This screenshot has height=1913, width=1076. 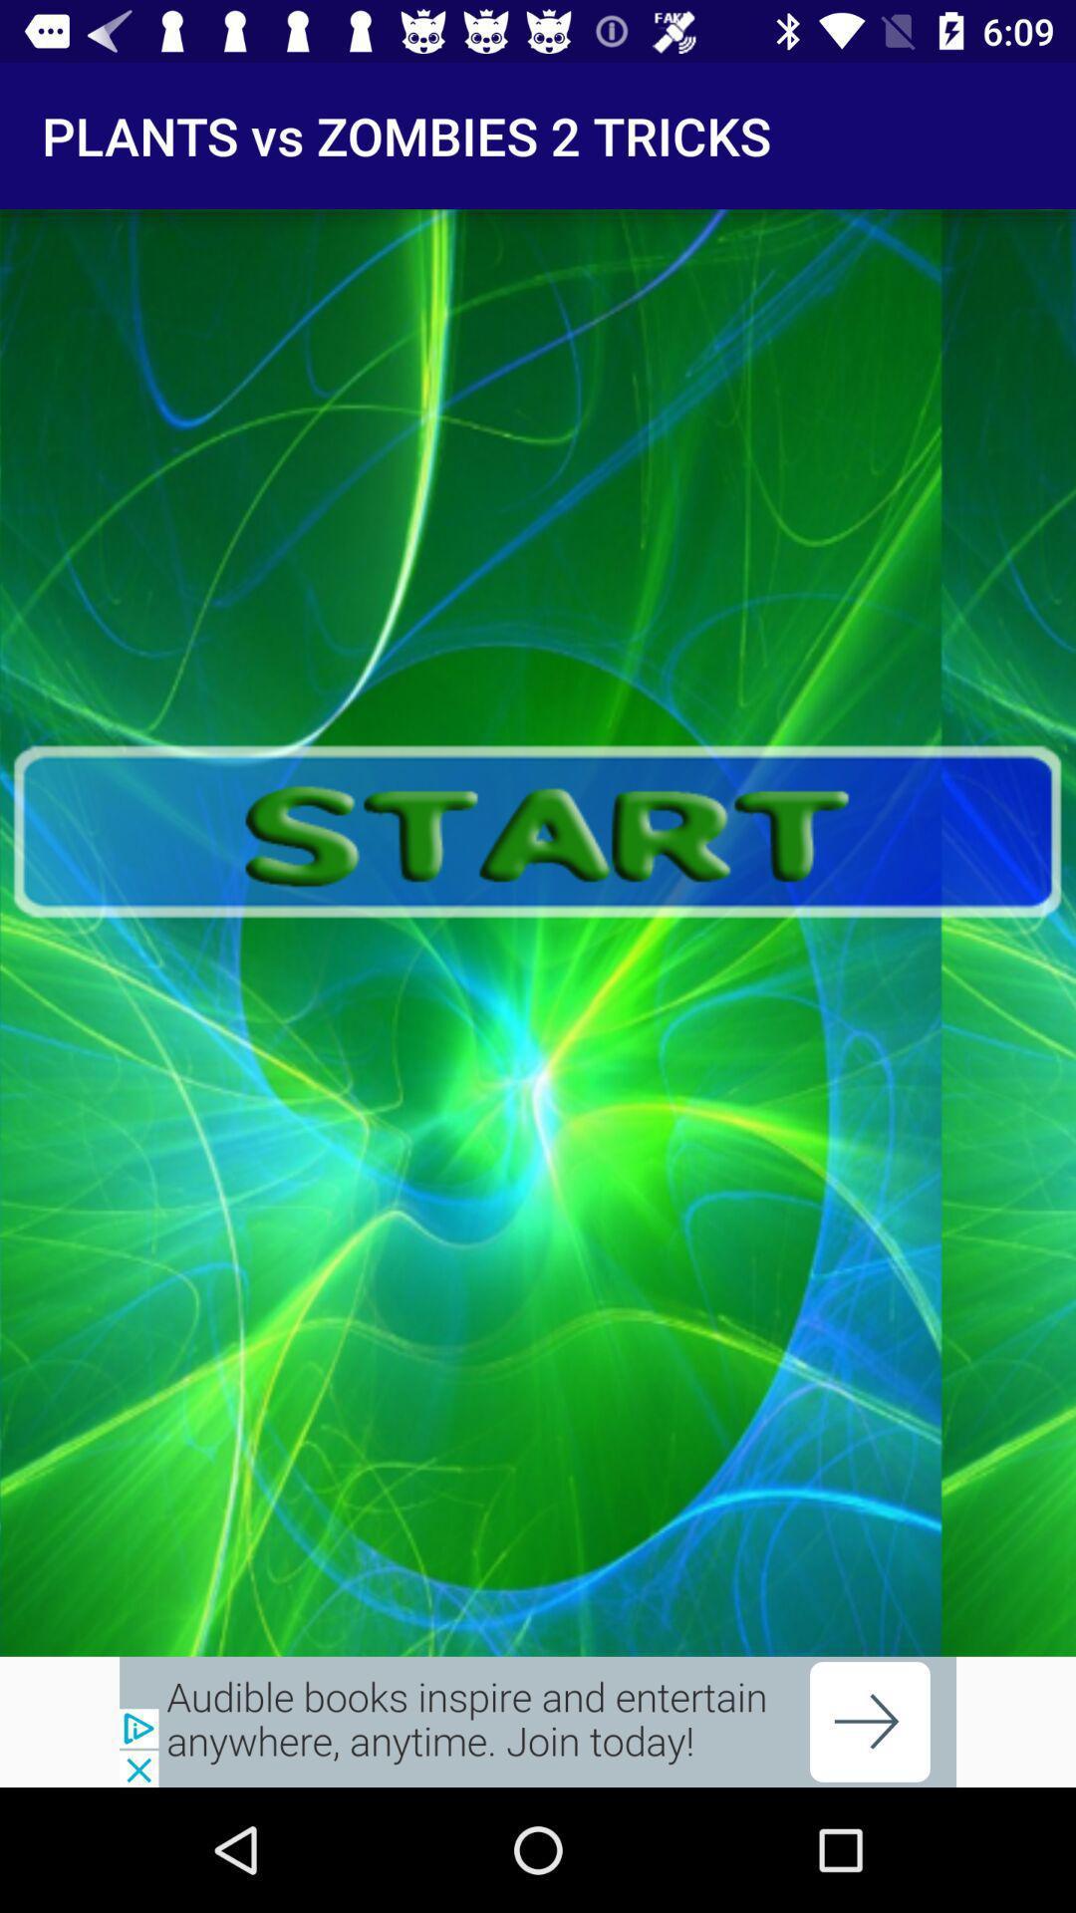 I want to click on advertisement, so click(x=538, y=1721).